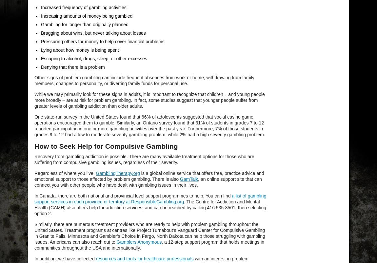 This screenshot has width=377, height=263. What do you see at coordinates (133, 195) in the screenshot?
I see `'In Canada, there are both national and provincial level support programmes to help. You can find'` at bounding box center [133, 195].